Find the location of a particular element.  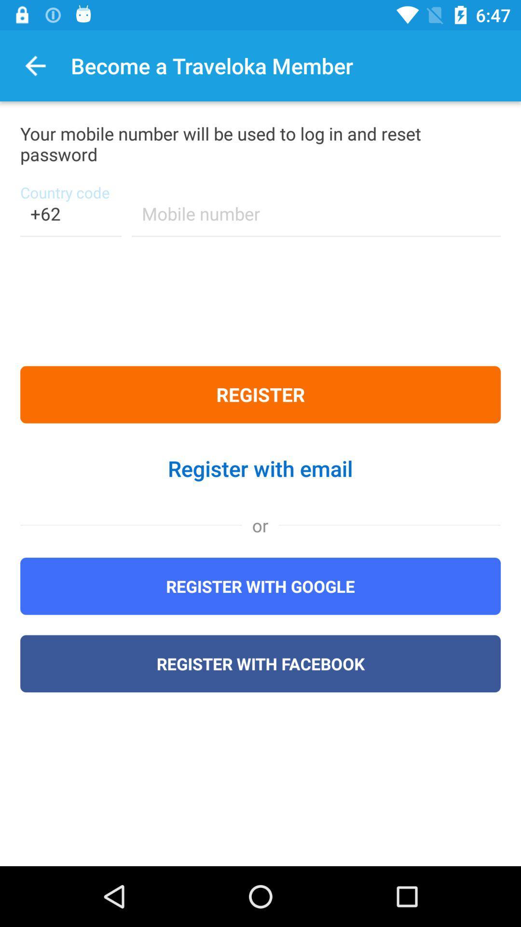

+62 item is located at coordinates (70, 219).